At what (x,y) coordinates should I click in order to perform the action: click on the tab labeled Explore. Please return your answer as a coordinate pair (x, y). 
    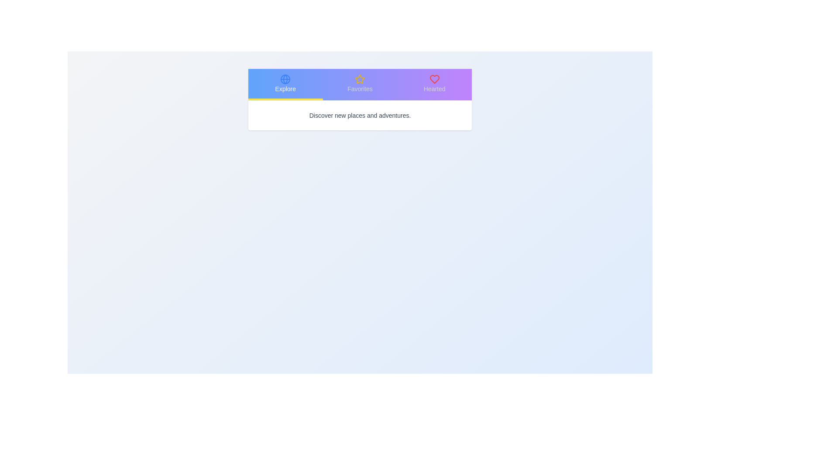
    Looking at the image, I should click on (285, 84).